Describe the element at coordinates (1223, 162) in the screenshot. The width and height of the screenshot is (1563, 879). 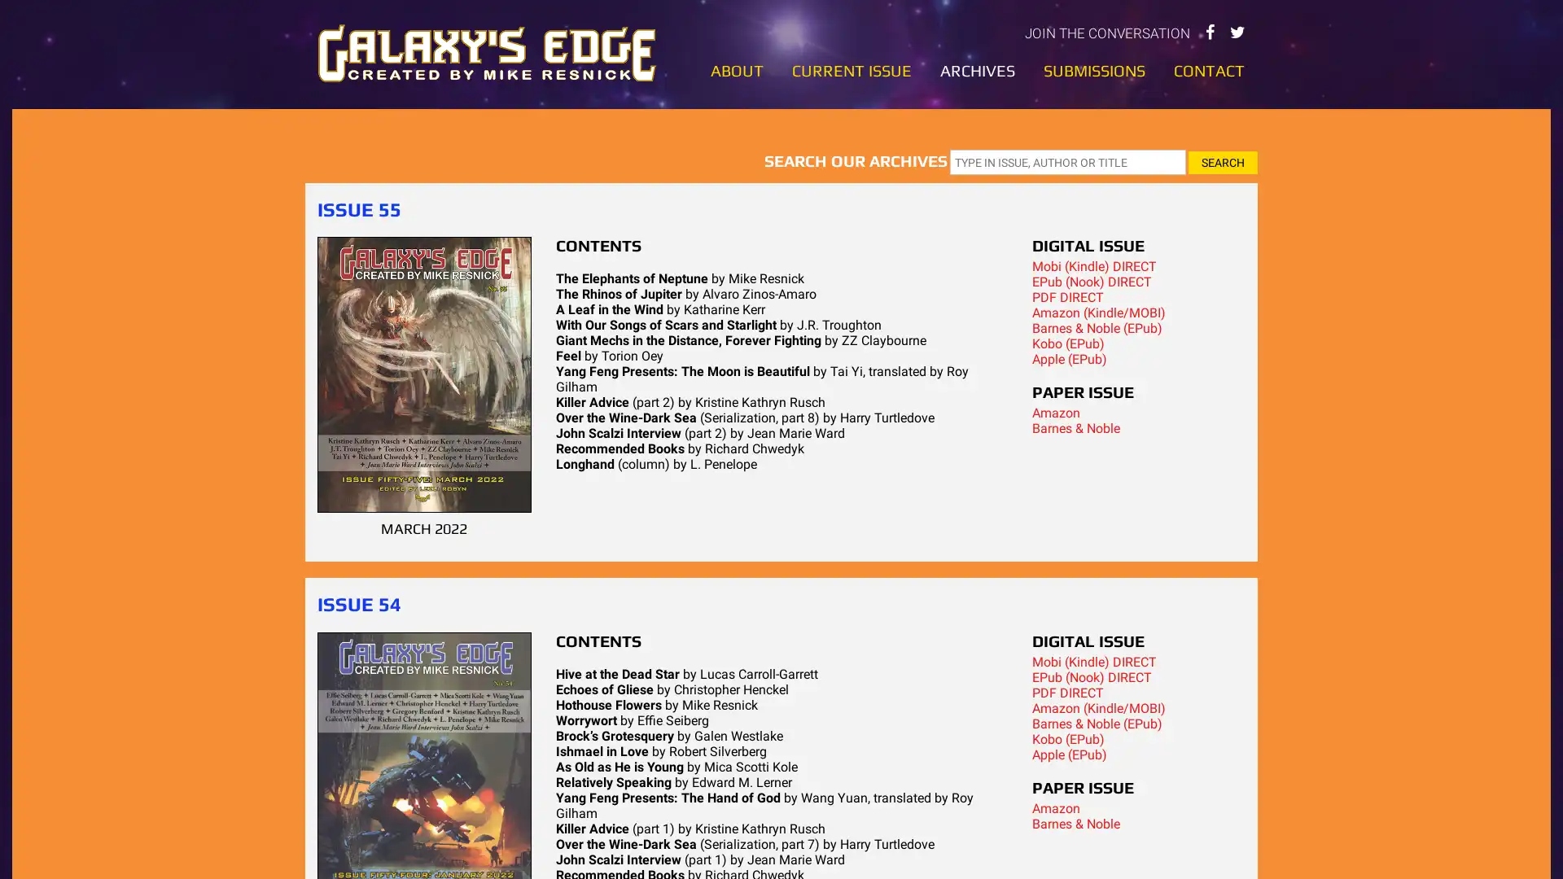
I see `SEARCH` at that location.